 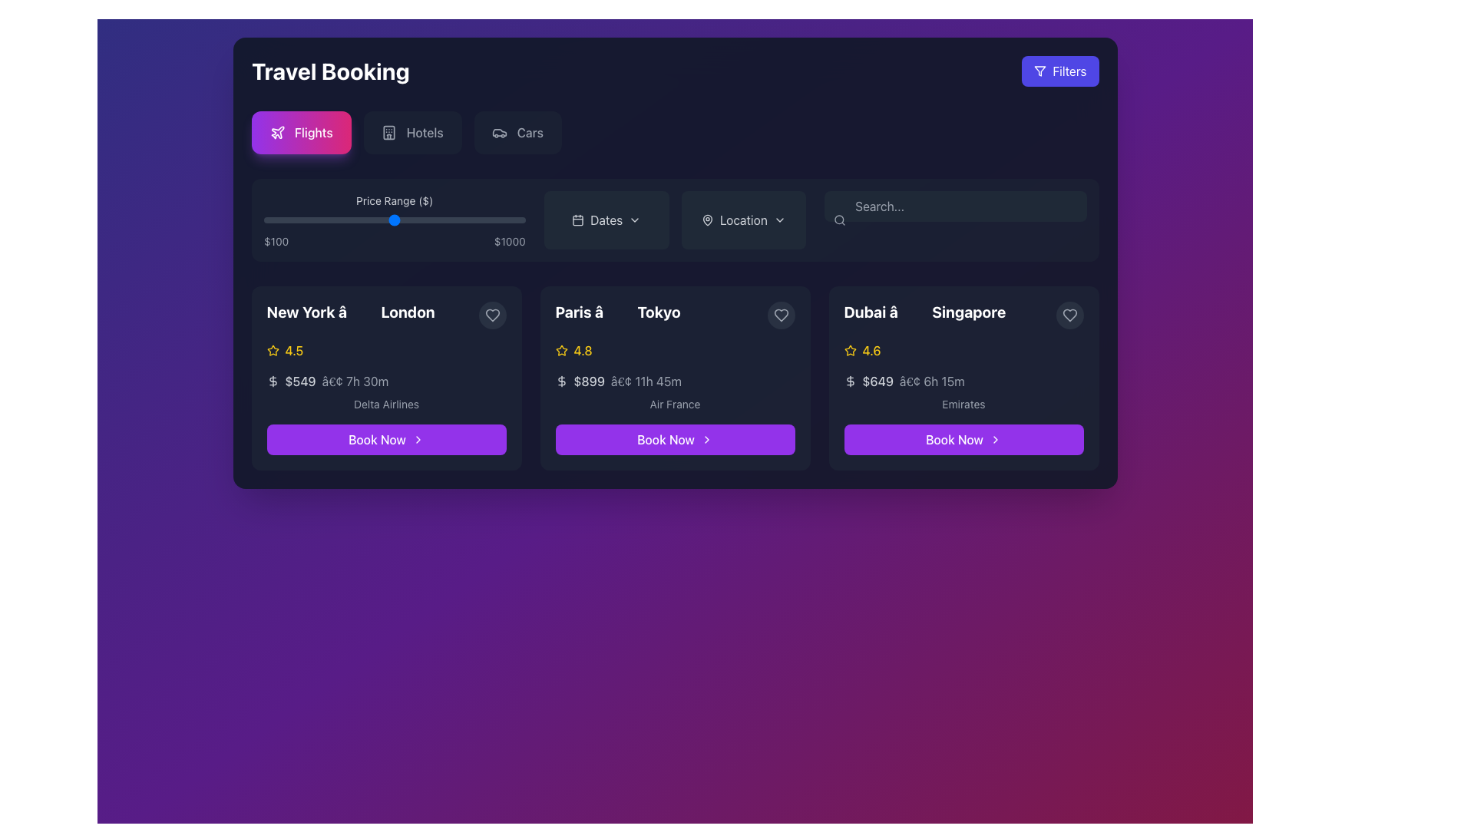 What do you see at coordinates (300, 381) in the screenshot?
I see `the text label displaying the cost of the travel option in the first travel option card, located at the top left of the details section, positioned between the dollar symbol and the duration indicator` at bounding box center [300, 381].